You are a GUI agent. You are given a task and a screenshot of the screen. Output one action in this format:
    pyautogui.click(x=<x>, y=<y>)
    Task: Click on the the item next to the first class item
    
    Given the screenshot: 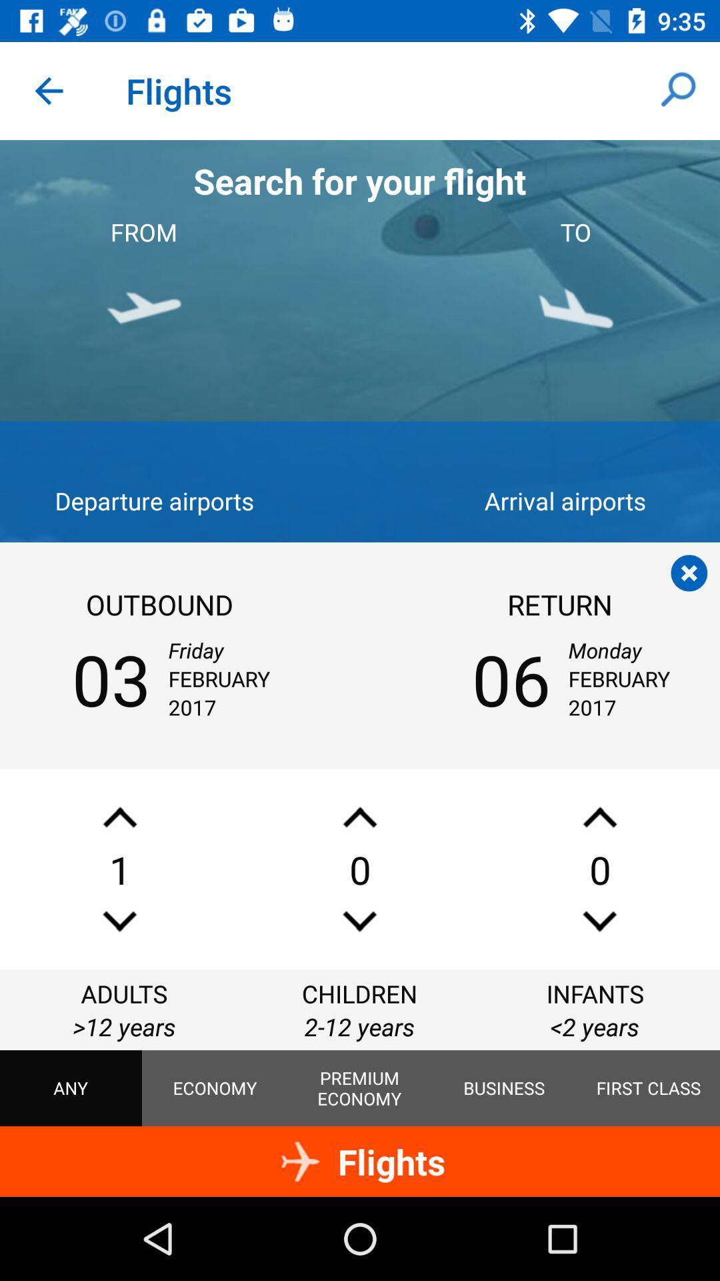 What is the action you would take?
    pyautogui.click(x=504, y=1088)
    